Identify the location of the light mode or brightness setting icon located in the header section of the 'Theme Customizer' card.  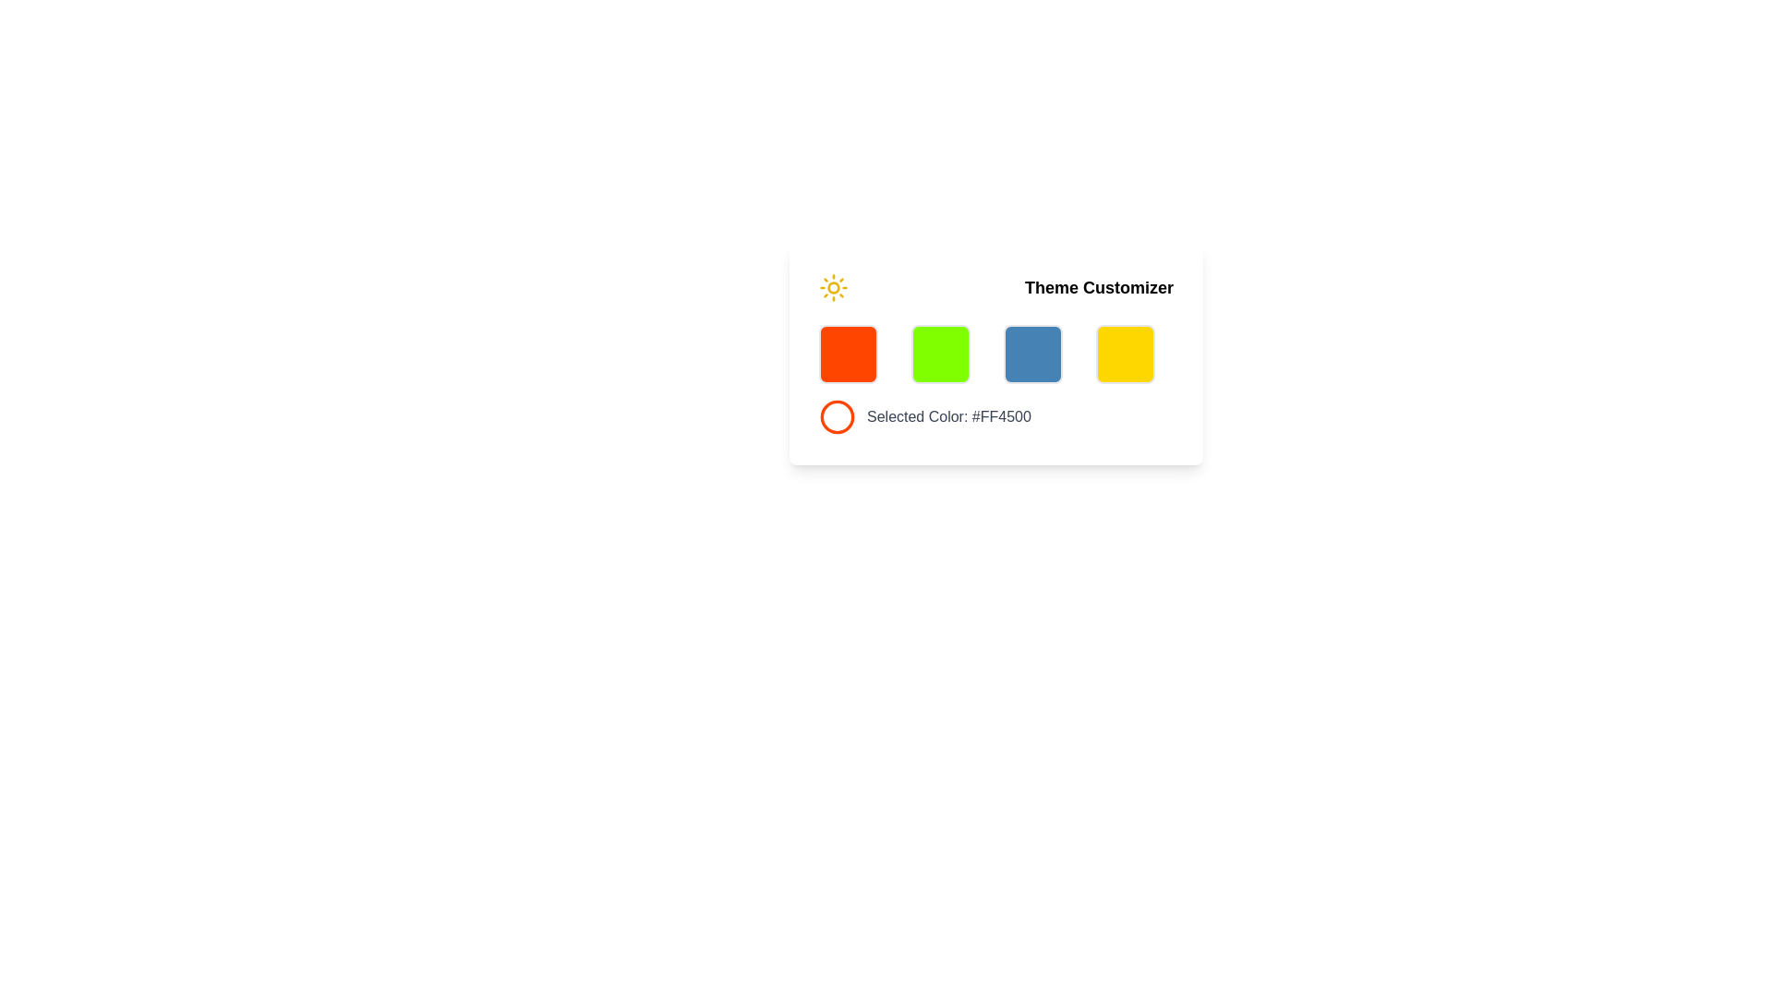
(832, 288).